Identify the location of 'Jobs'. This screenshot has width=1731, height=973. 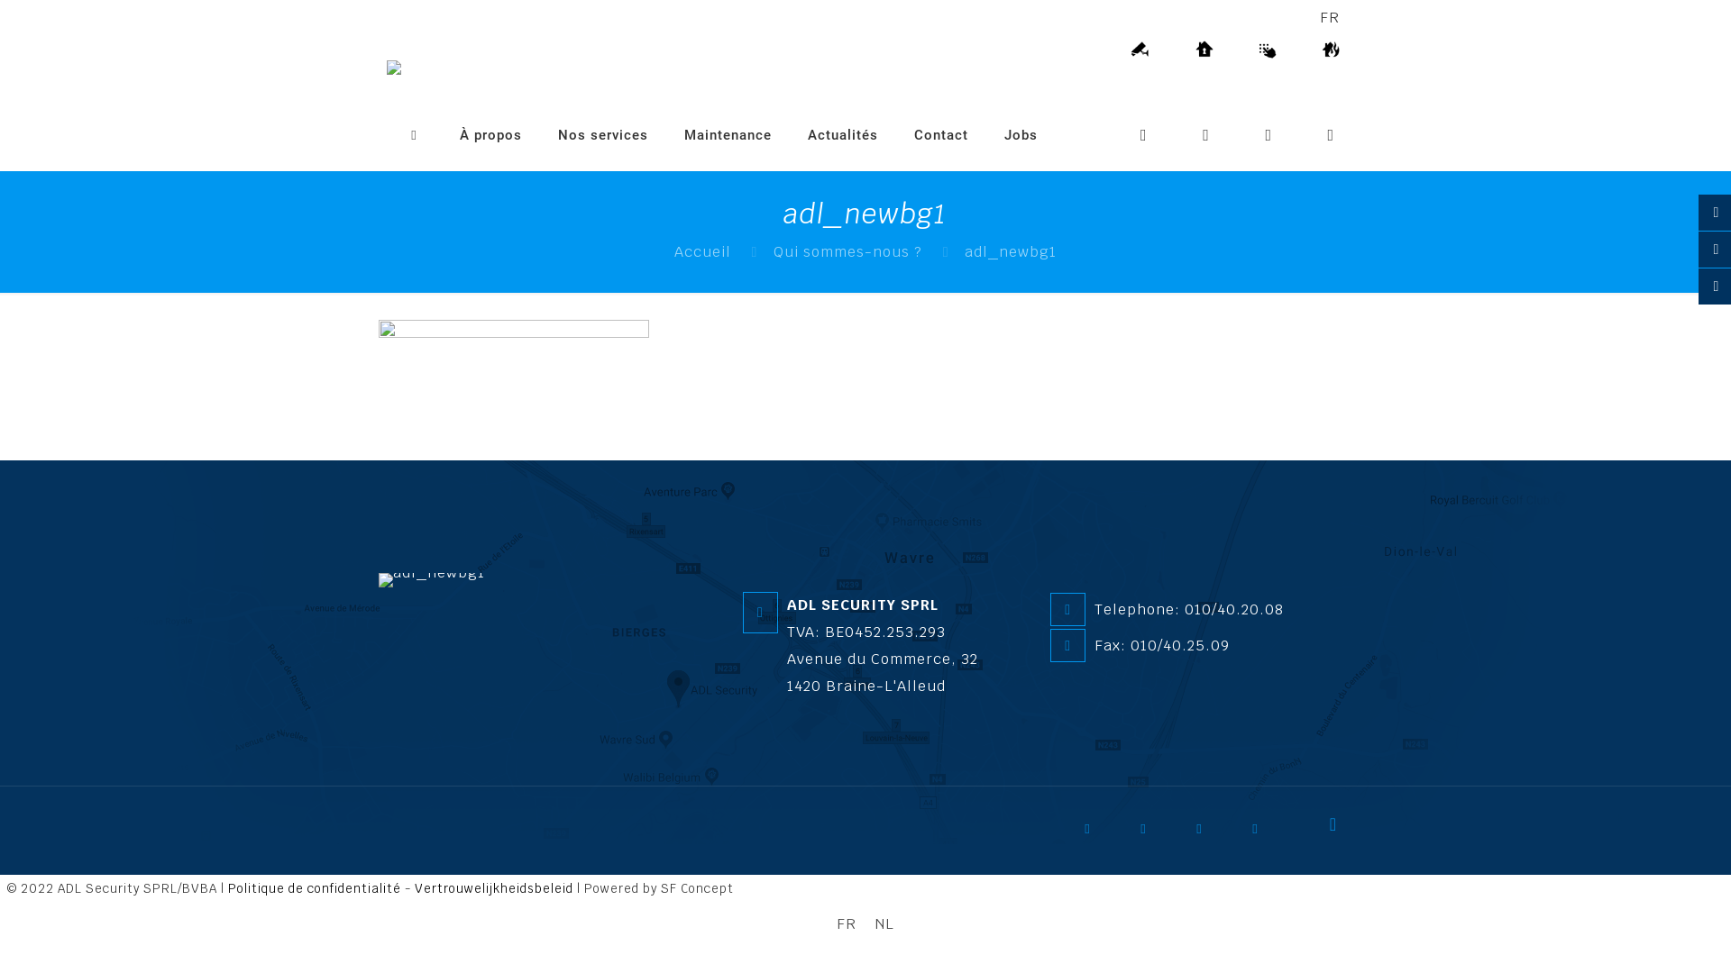
(985, 134).